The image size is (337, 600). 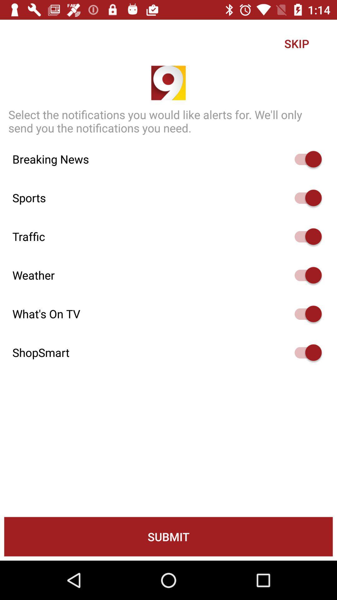 What do you see at coordinates (305, 197) in the screenshot?
I see `off button` at bounding box center [305, 197].